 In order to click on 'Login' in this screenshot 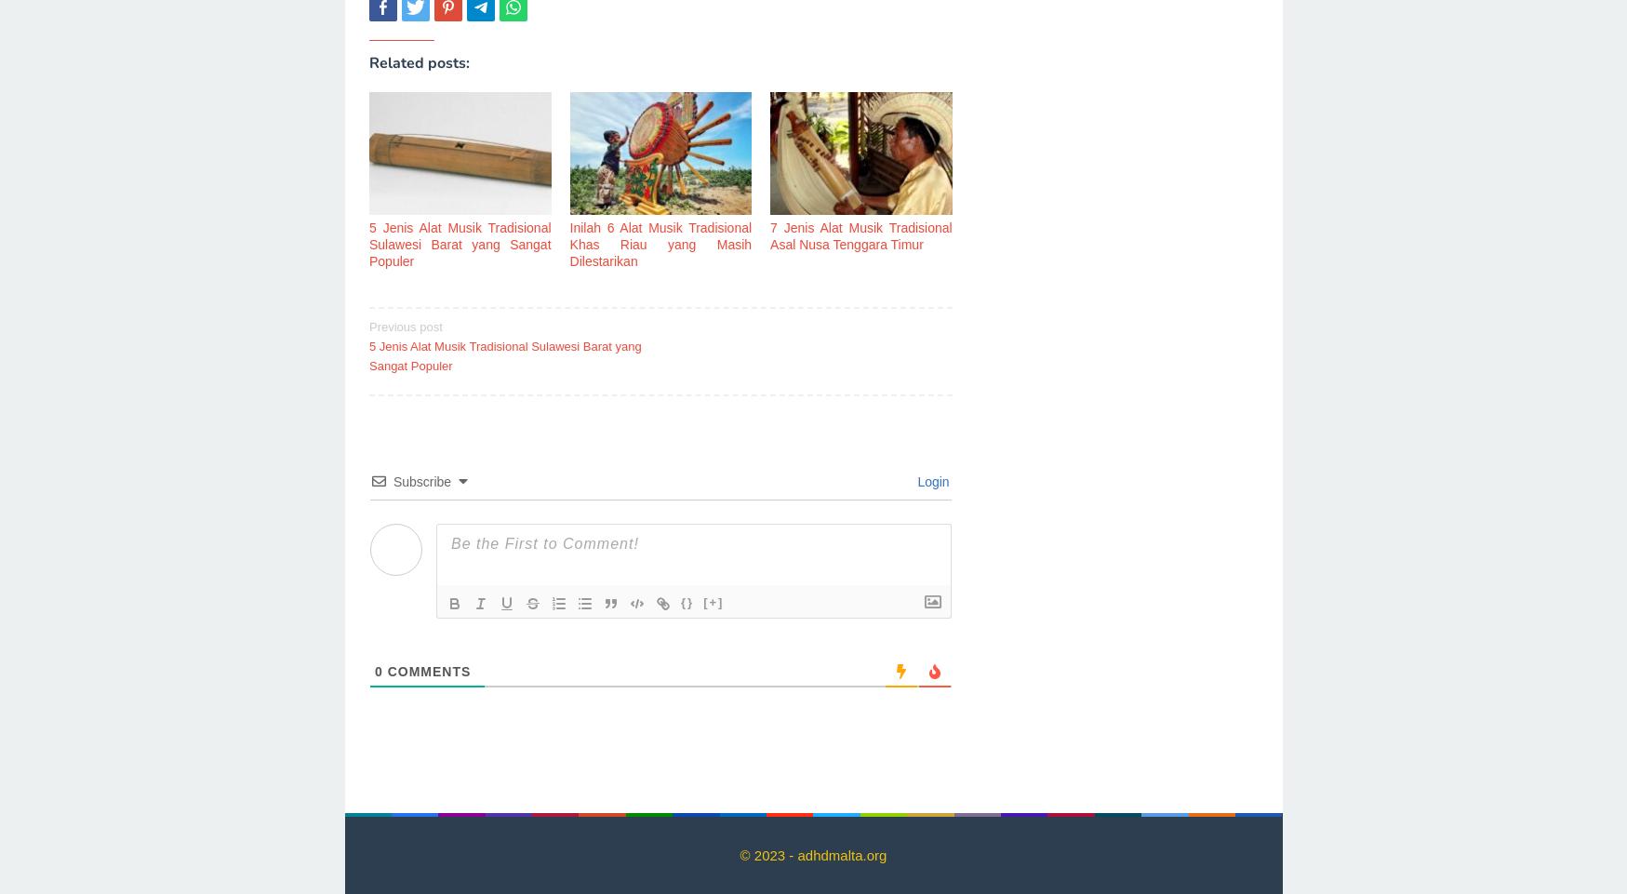, I will do `click(929, 481)`.